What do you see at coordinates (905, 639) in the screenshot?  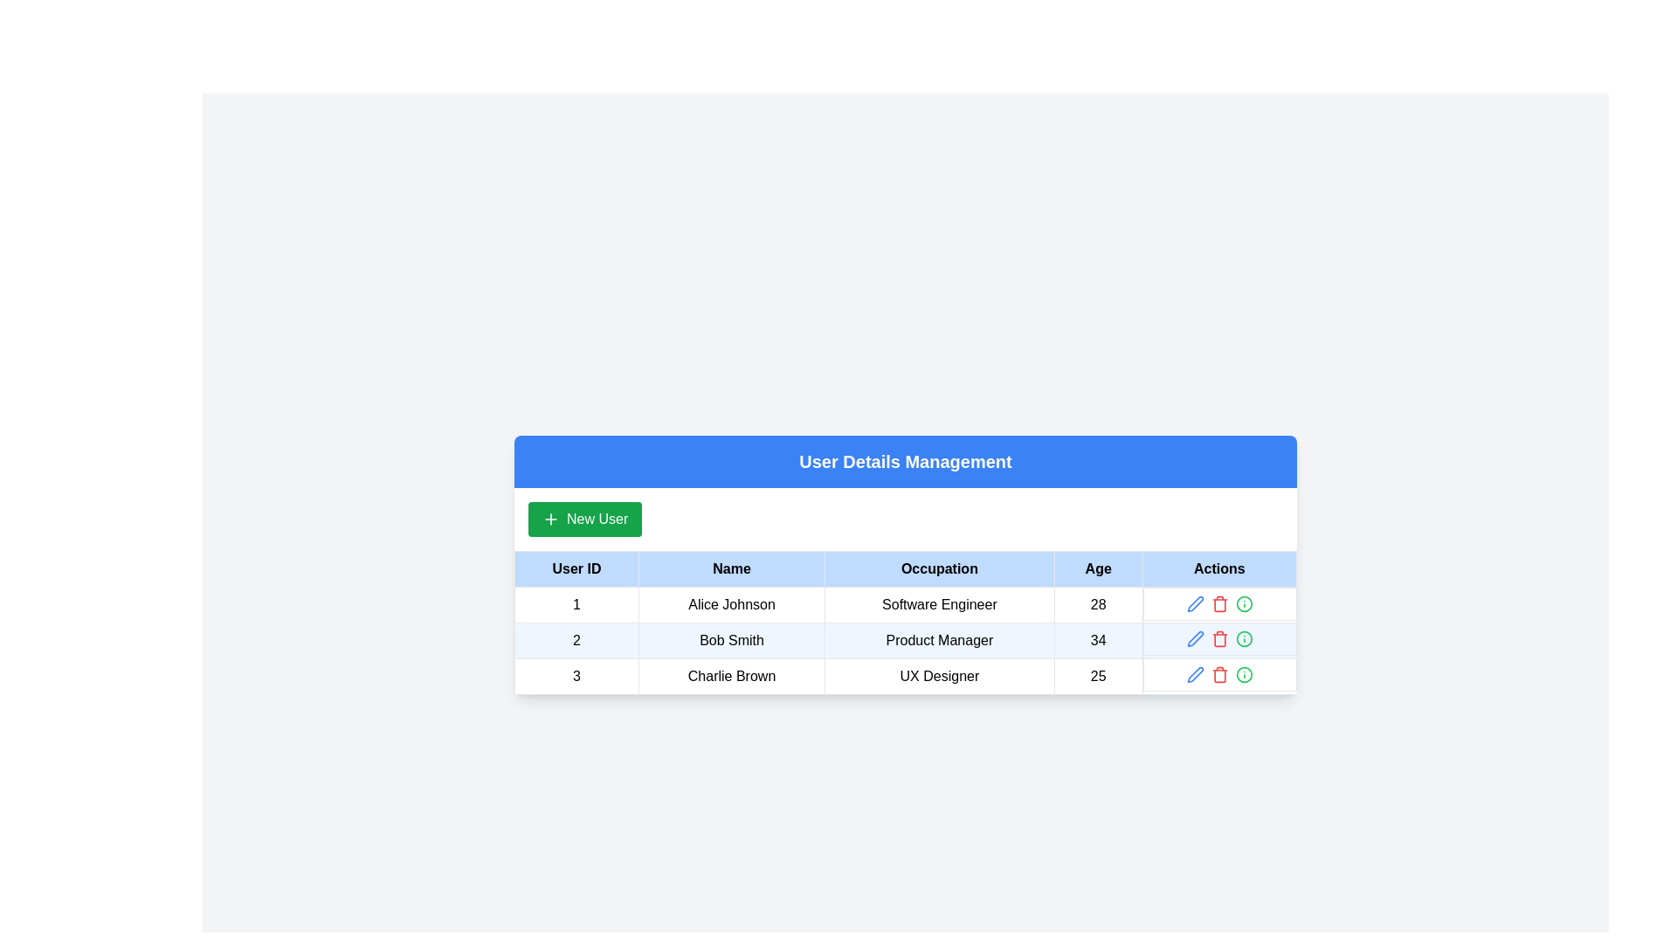 I see `the second row in the user management table, which displays detailed information about a user, for more details` at bounding box center [905, 639].